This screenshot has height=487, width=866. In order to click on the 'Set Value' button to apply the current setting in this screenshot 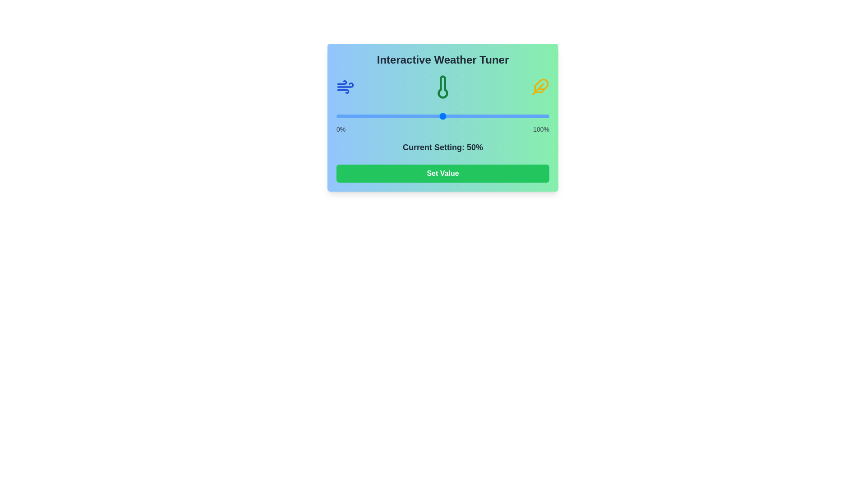, I will do `click(443, 174)`.